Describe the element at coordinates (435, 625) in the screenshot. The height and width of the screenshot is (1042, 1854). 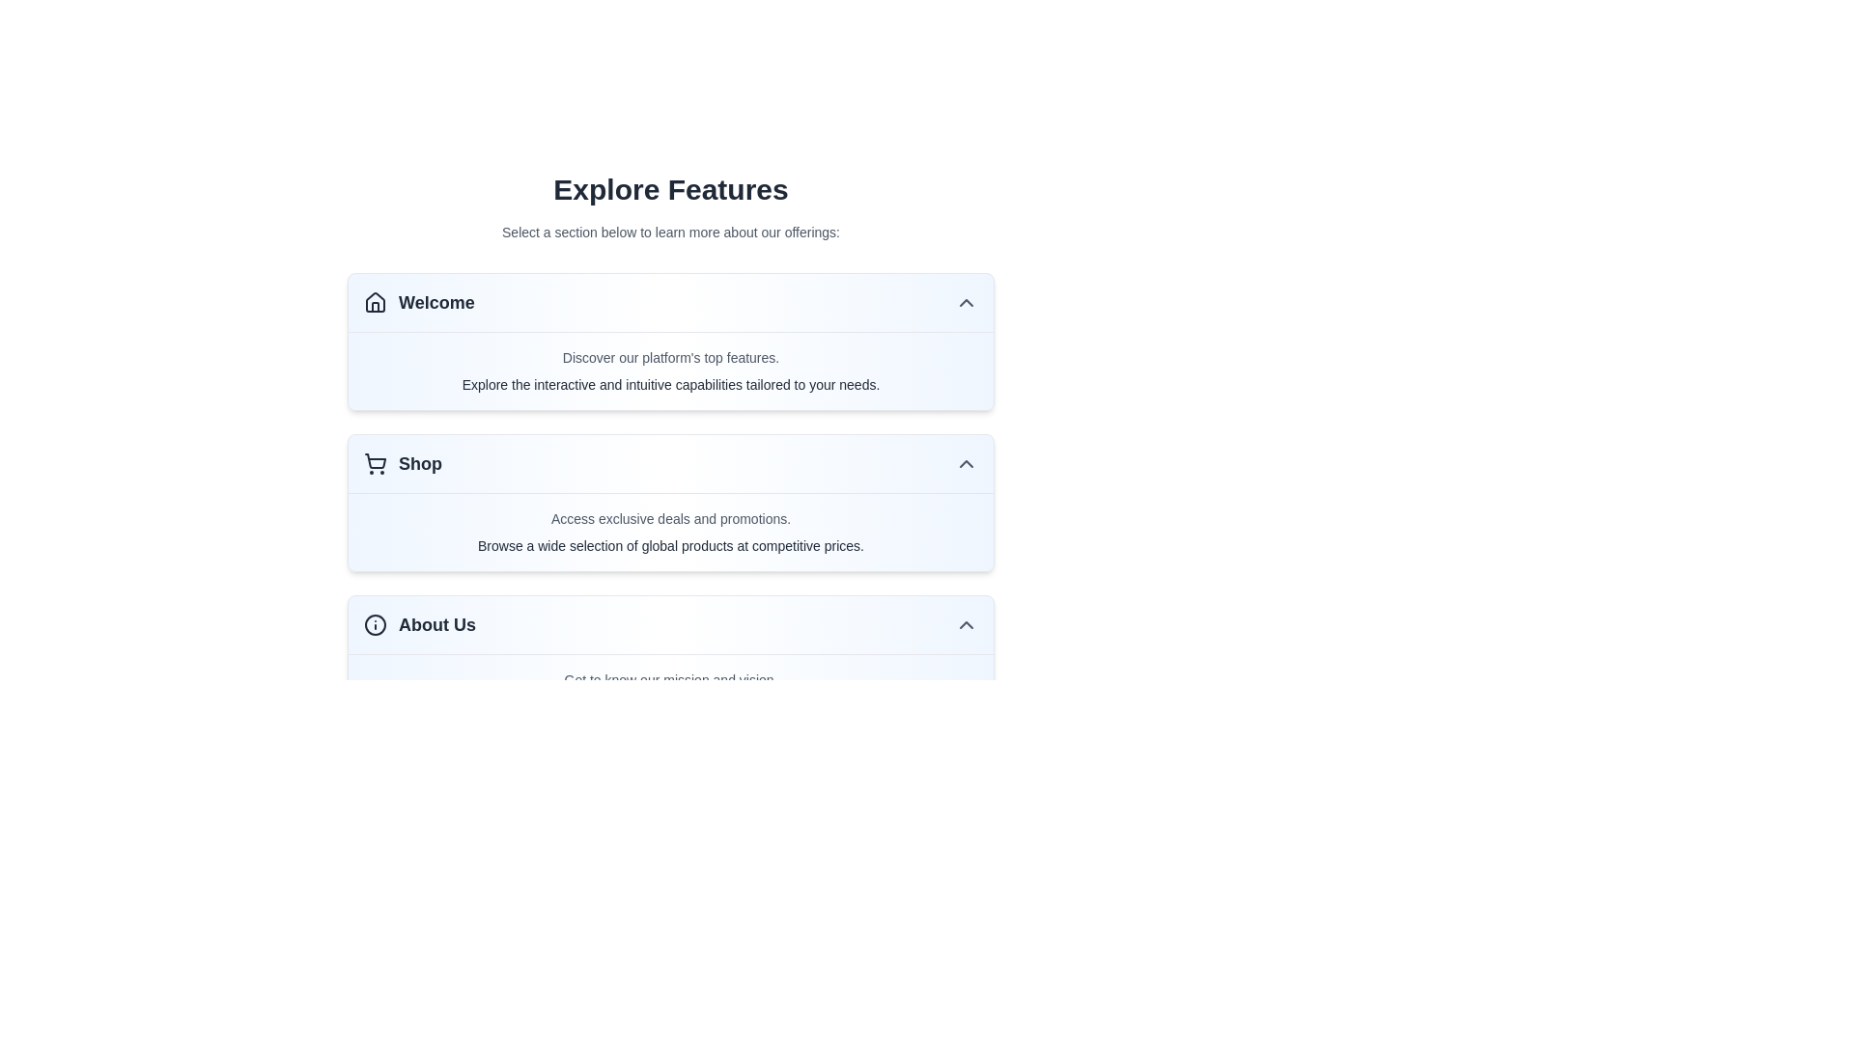
I see `the 'About Us' title text, which is positioned at the bottom of the section list and to the right of the circular 'i' icon` at that location.